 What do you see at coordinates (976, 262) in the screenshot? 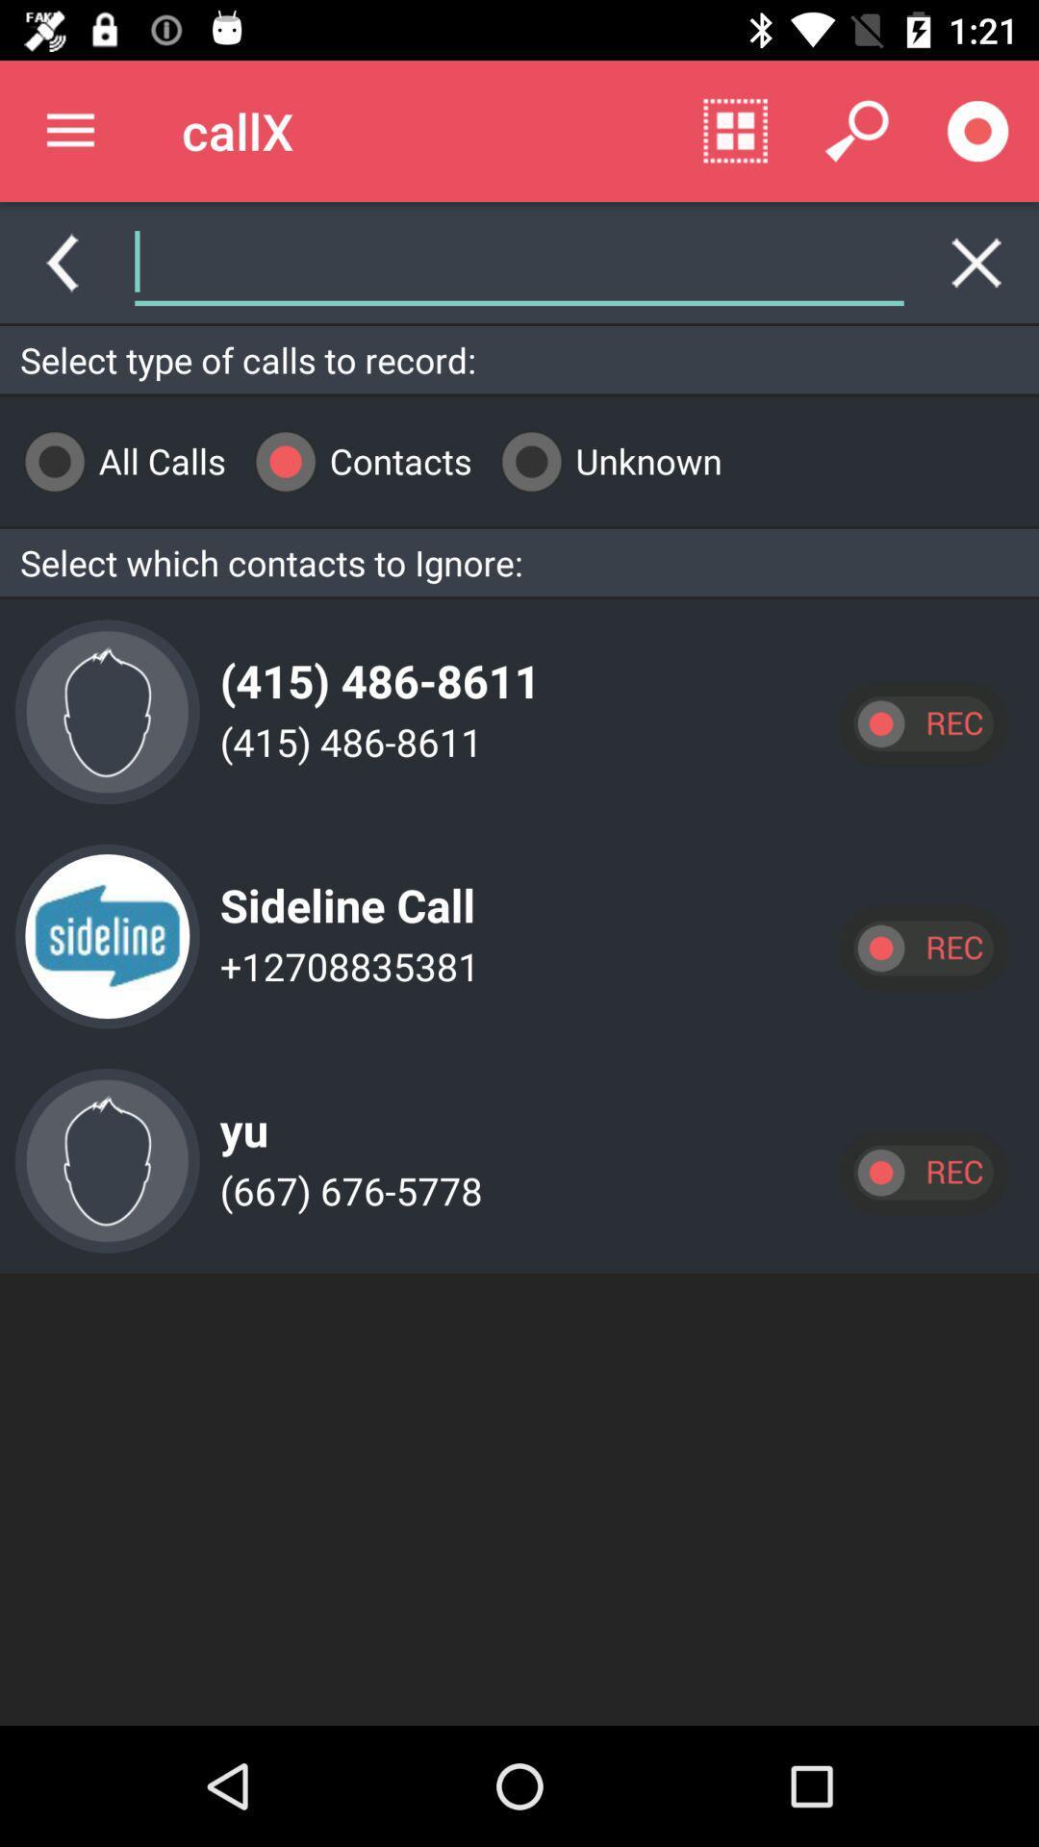
I see `page` at bounding box center [976, 262].